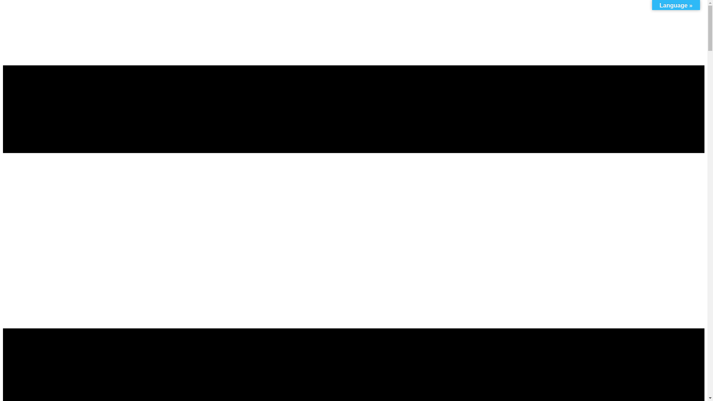 The width and height of the screenshot is (713, 401). I want to click on 'Skip to content', so click(3, 21).